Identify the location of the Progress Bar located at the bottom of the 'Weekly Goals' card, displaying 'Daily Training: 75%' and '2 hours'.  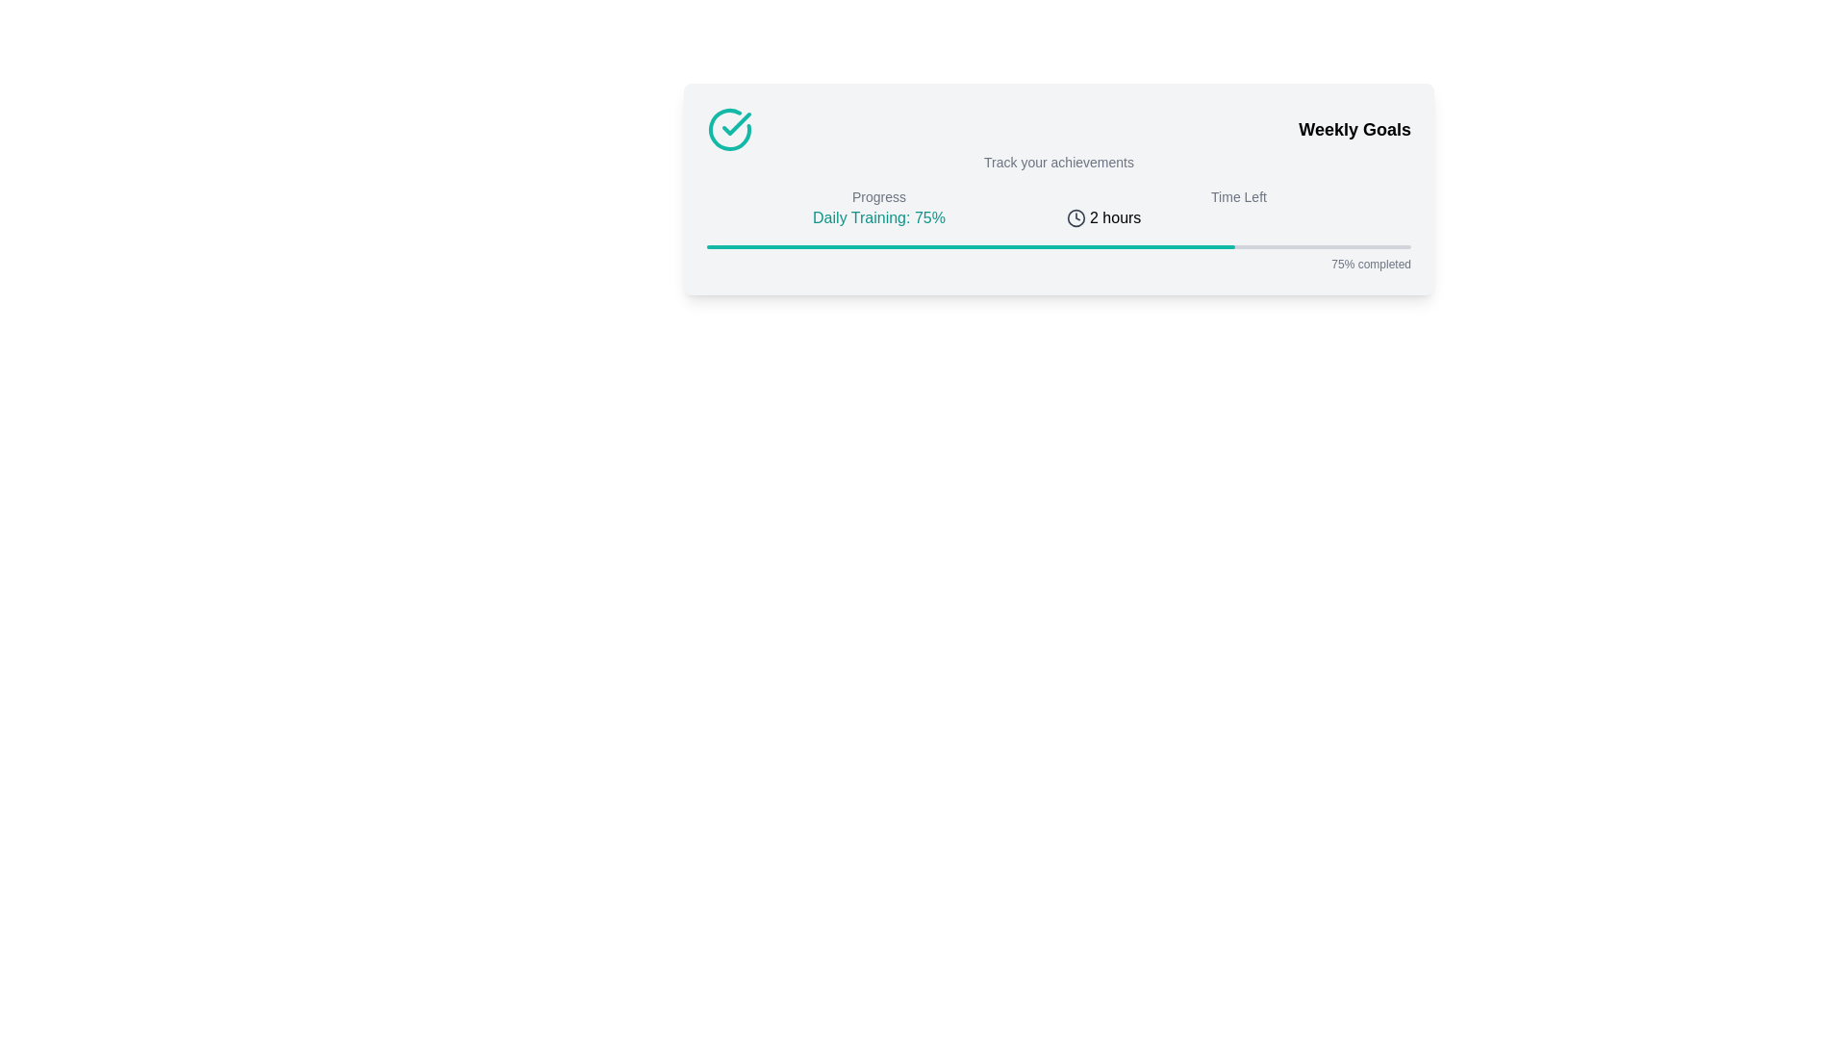
(1057, 258).